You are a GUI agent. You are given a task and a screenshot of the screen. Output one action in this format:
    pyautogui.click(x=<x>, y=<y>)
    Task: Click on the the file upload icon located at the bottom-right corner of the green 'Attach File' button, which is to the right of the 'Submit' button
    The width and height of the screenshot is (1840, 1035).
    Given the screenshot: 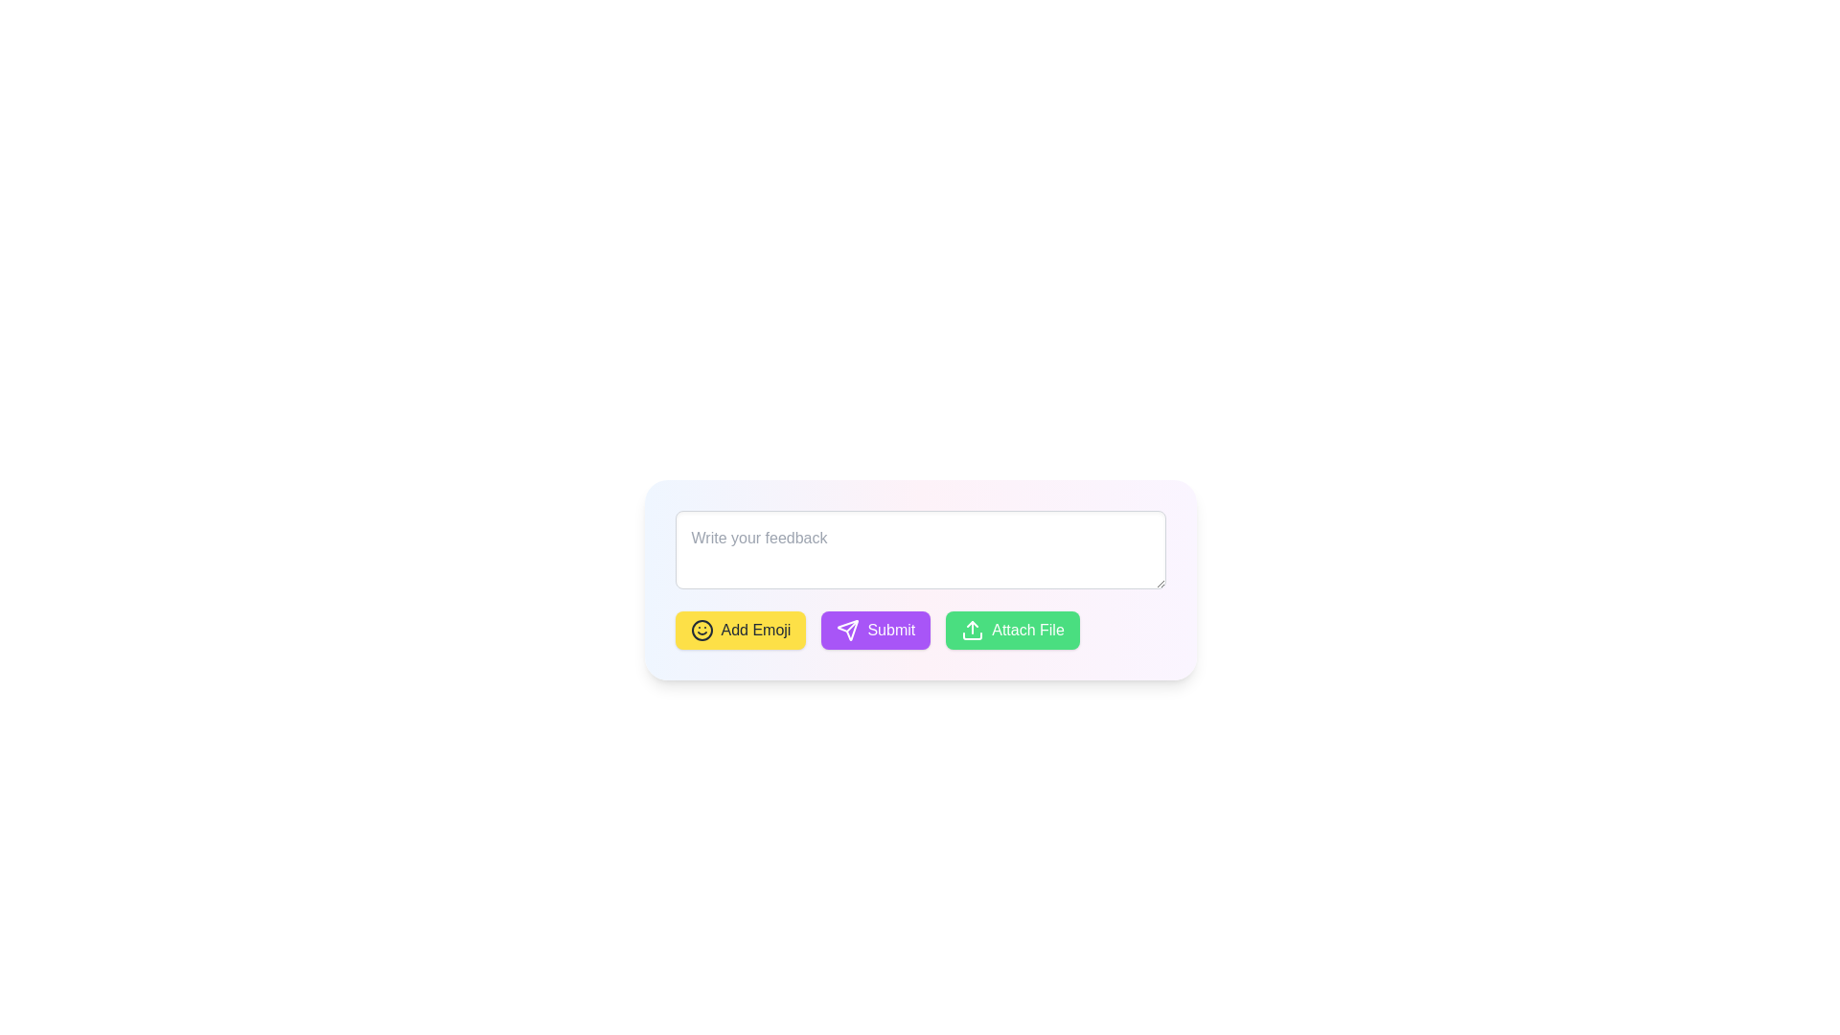 What is the action you would take?
    pyautogui.click(x=973, y=631)
    